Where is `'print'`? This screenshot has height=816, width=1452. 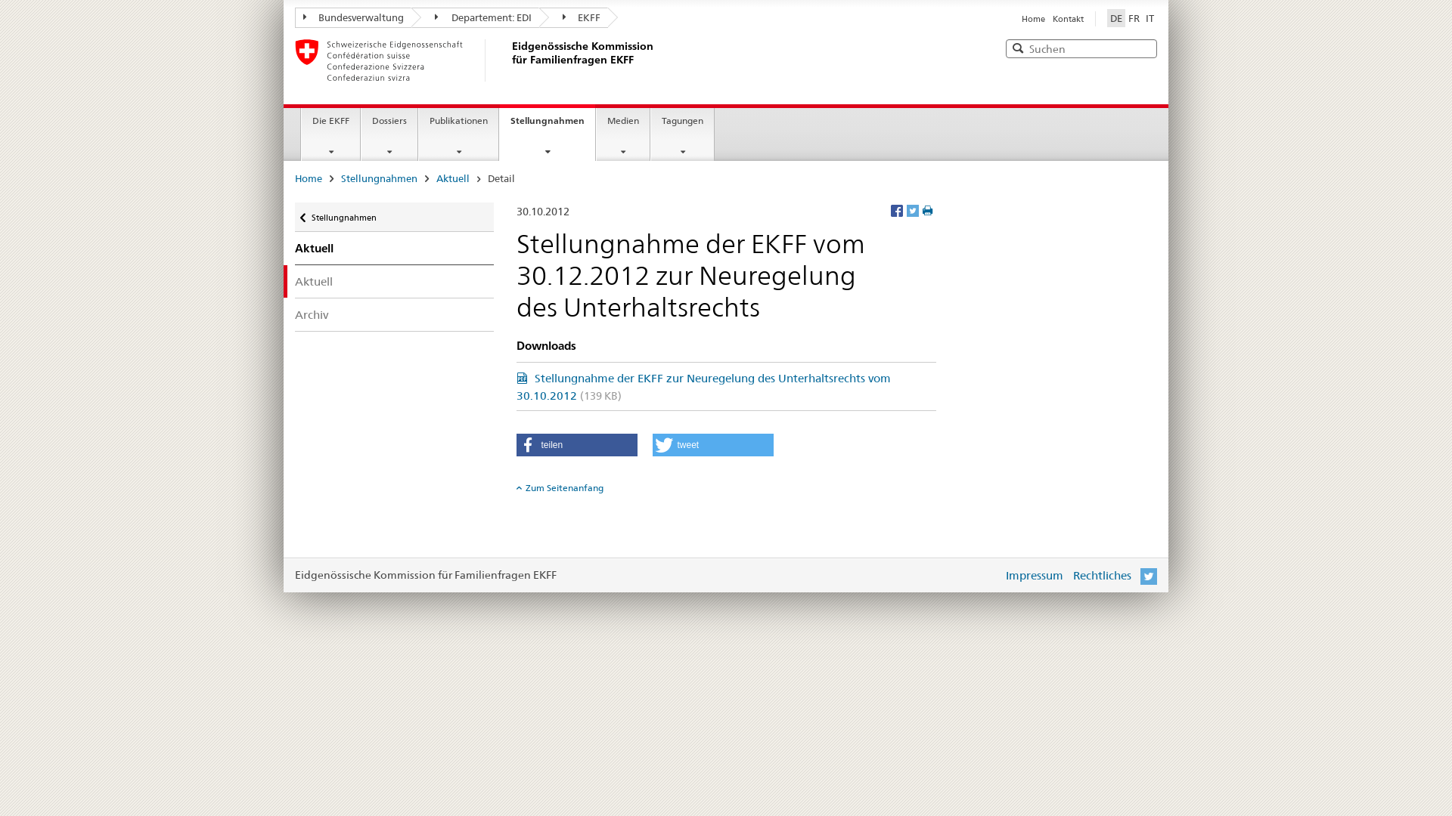
'print' is located at coordinates (921, 210).